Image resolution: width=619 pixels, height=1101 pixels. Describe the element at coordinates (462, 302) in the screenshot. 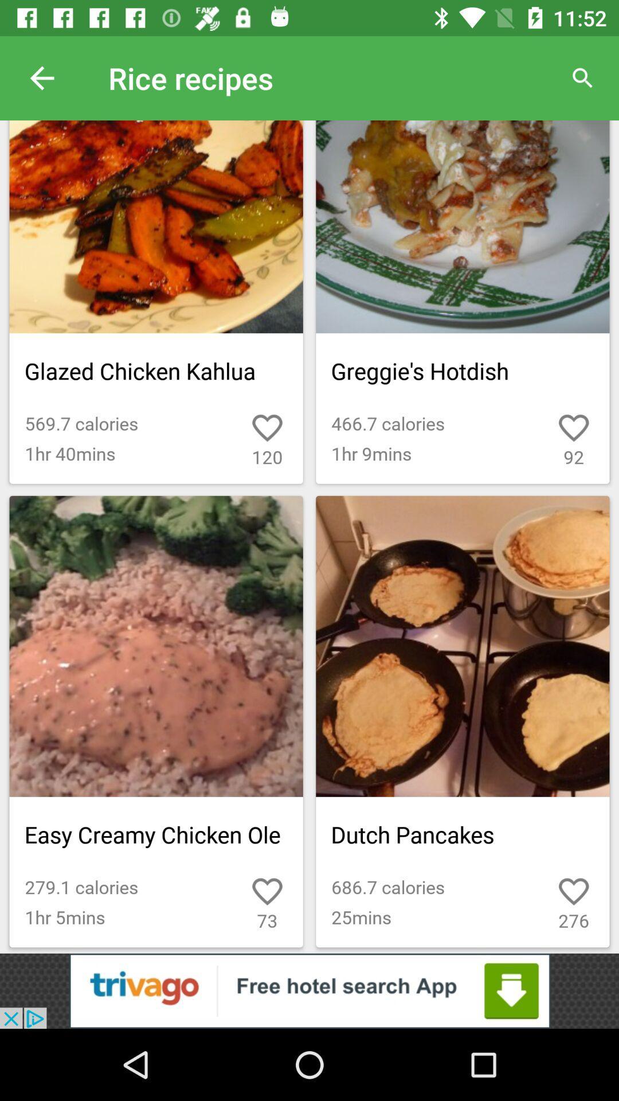

I see `the top right side dish greggies hotdish` at that location.